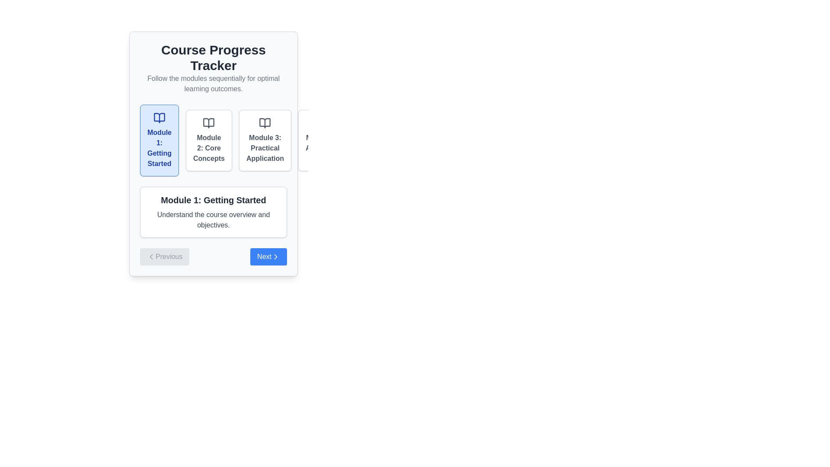  Describe the element at coordinates (275, 256) in the screenshot. I see `the SVG chevron icon within the 'Next' button located at the bottom-right corner of the course tracker interface` at that location.